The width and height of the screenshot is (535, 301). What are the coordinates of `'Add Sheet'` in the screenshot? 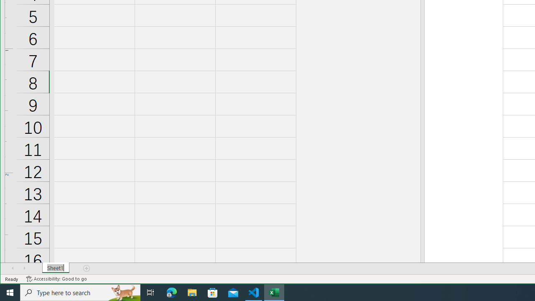 It's located at (87, 268).